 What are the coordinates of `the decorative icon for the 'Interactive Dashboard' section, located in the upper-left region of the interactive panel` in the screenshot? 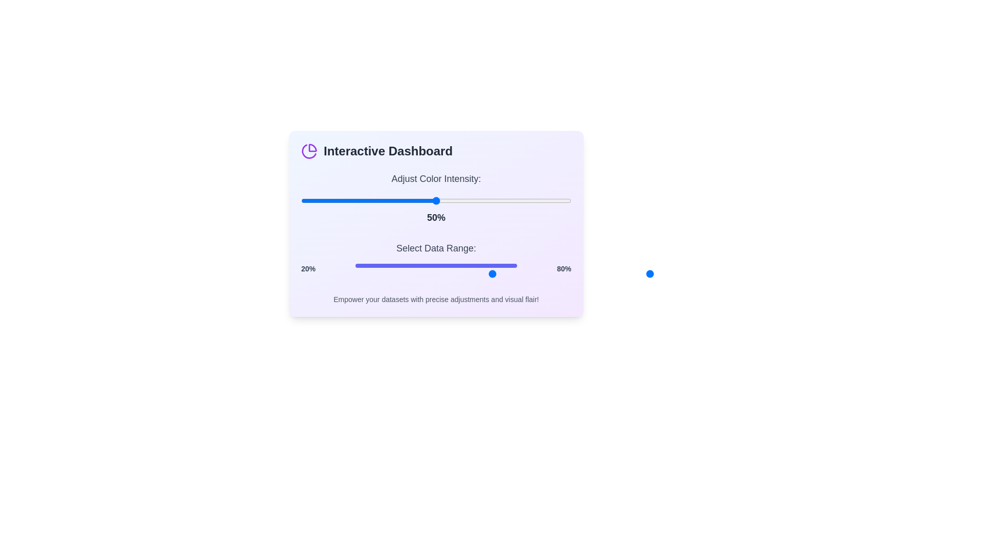 It's located at (308, 151).